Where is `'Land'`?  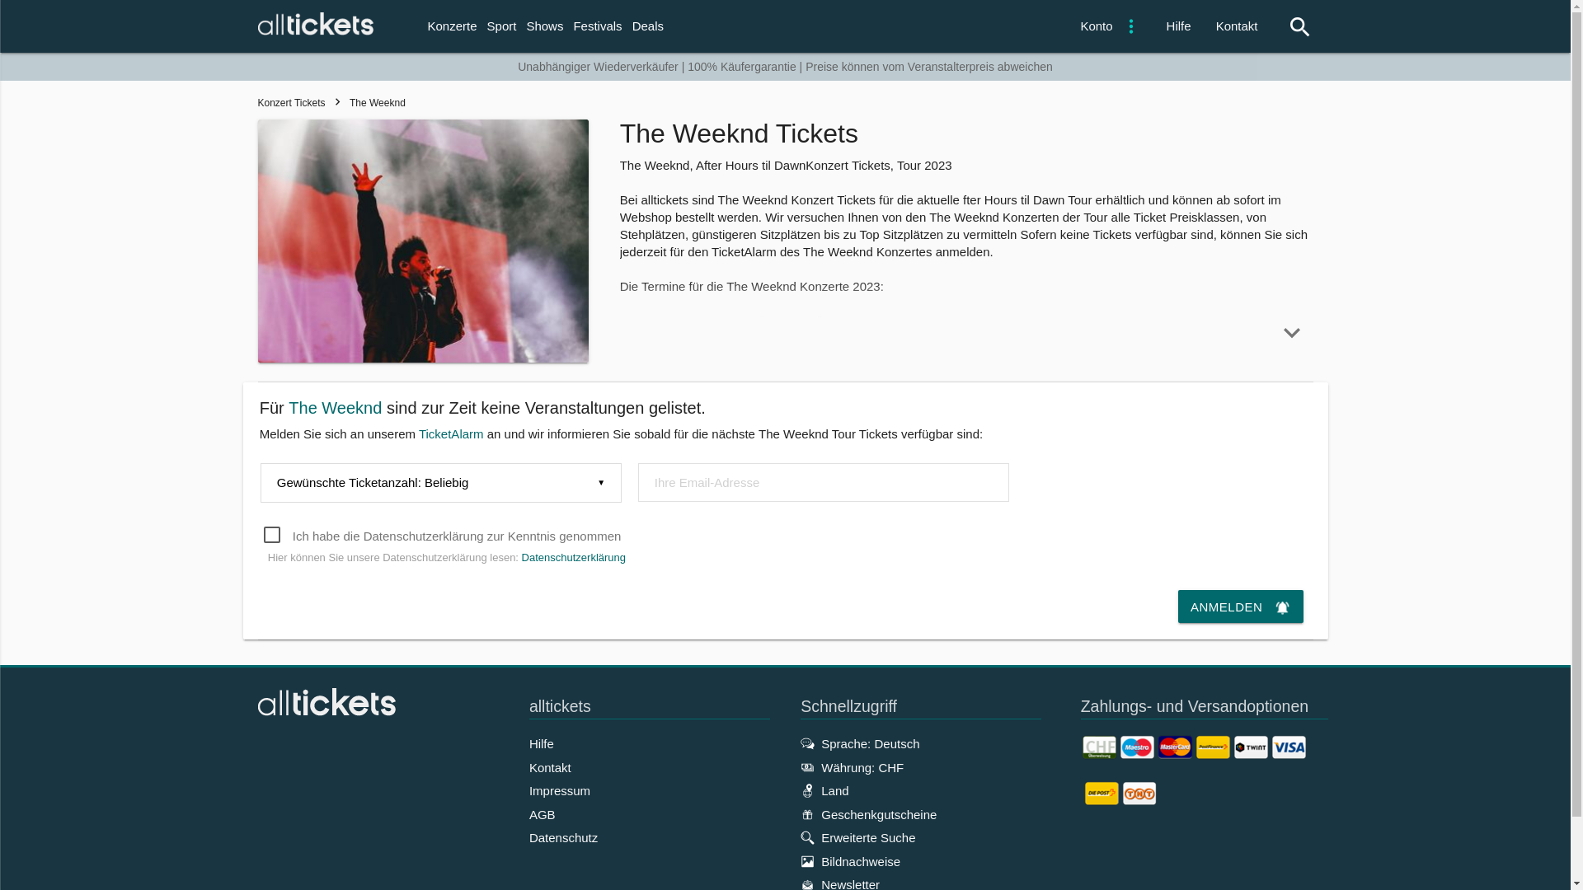 'Land' is located at coordinates (824, 789).